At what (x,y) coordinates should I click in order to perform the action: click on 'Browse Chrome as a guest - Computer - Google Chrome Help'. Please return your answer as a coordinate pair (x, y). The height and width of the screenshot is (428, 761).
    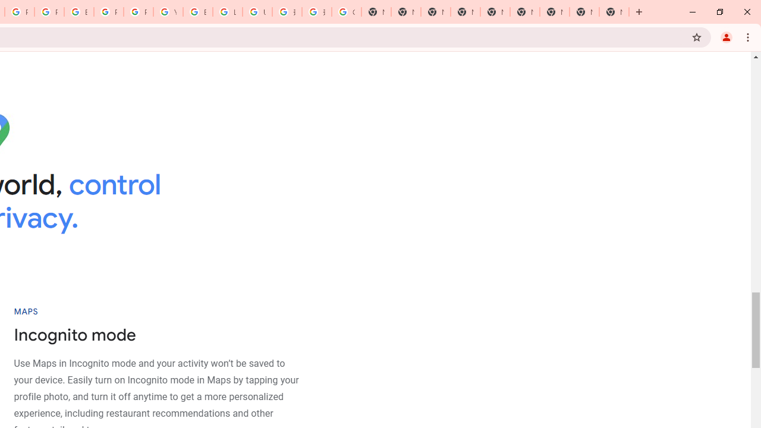
    Looking at the image, I should click on (198, 12).